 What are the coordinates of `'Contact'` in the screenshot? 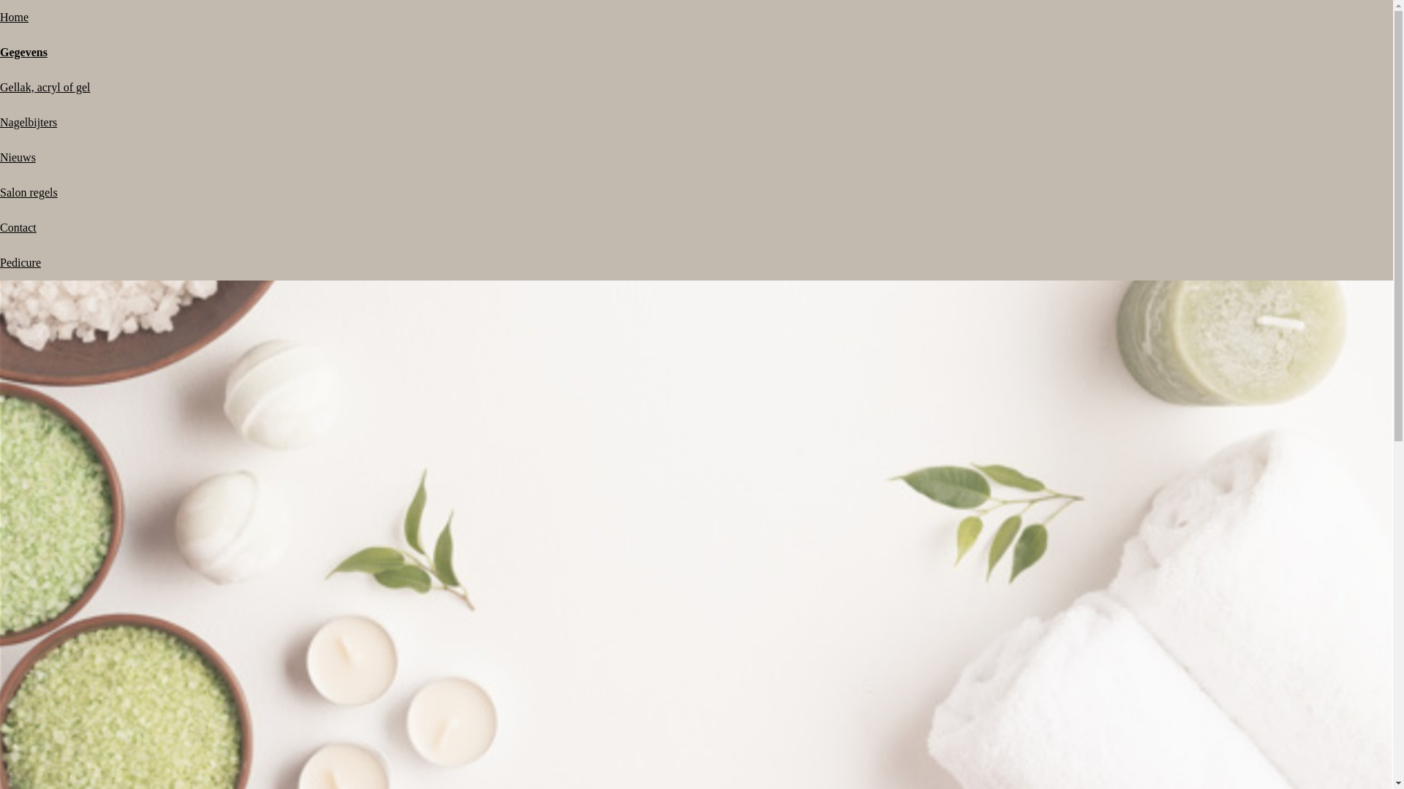 It's located at (0, 227).